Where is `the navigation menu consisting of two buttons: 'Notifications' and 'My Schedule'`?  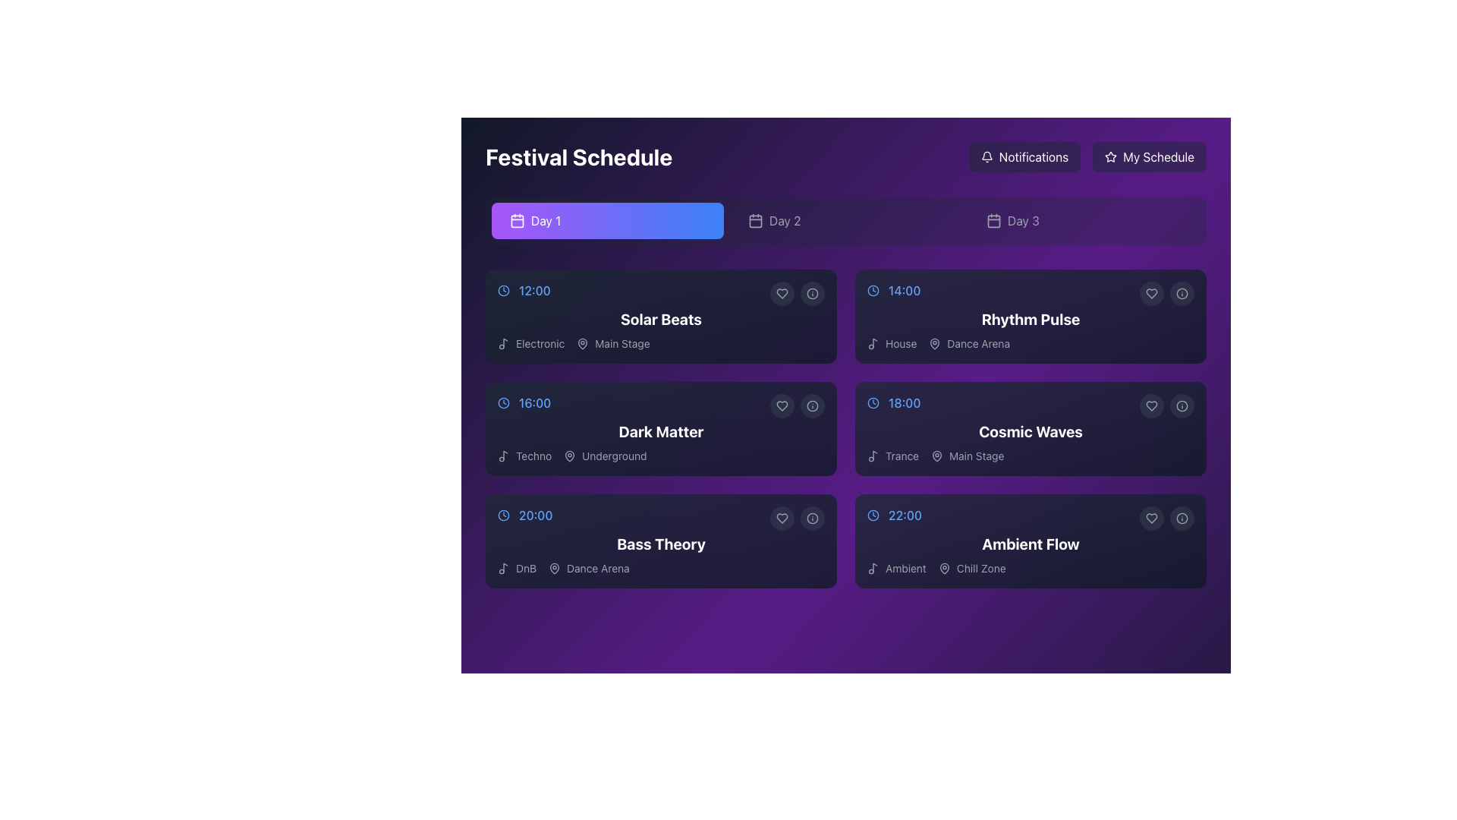
the navigation menu consisting of two buttons: 'Notifications' and 'My Schedule' is located at coordinates (1087, 157).